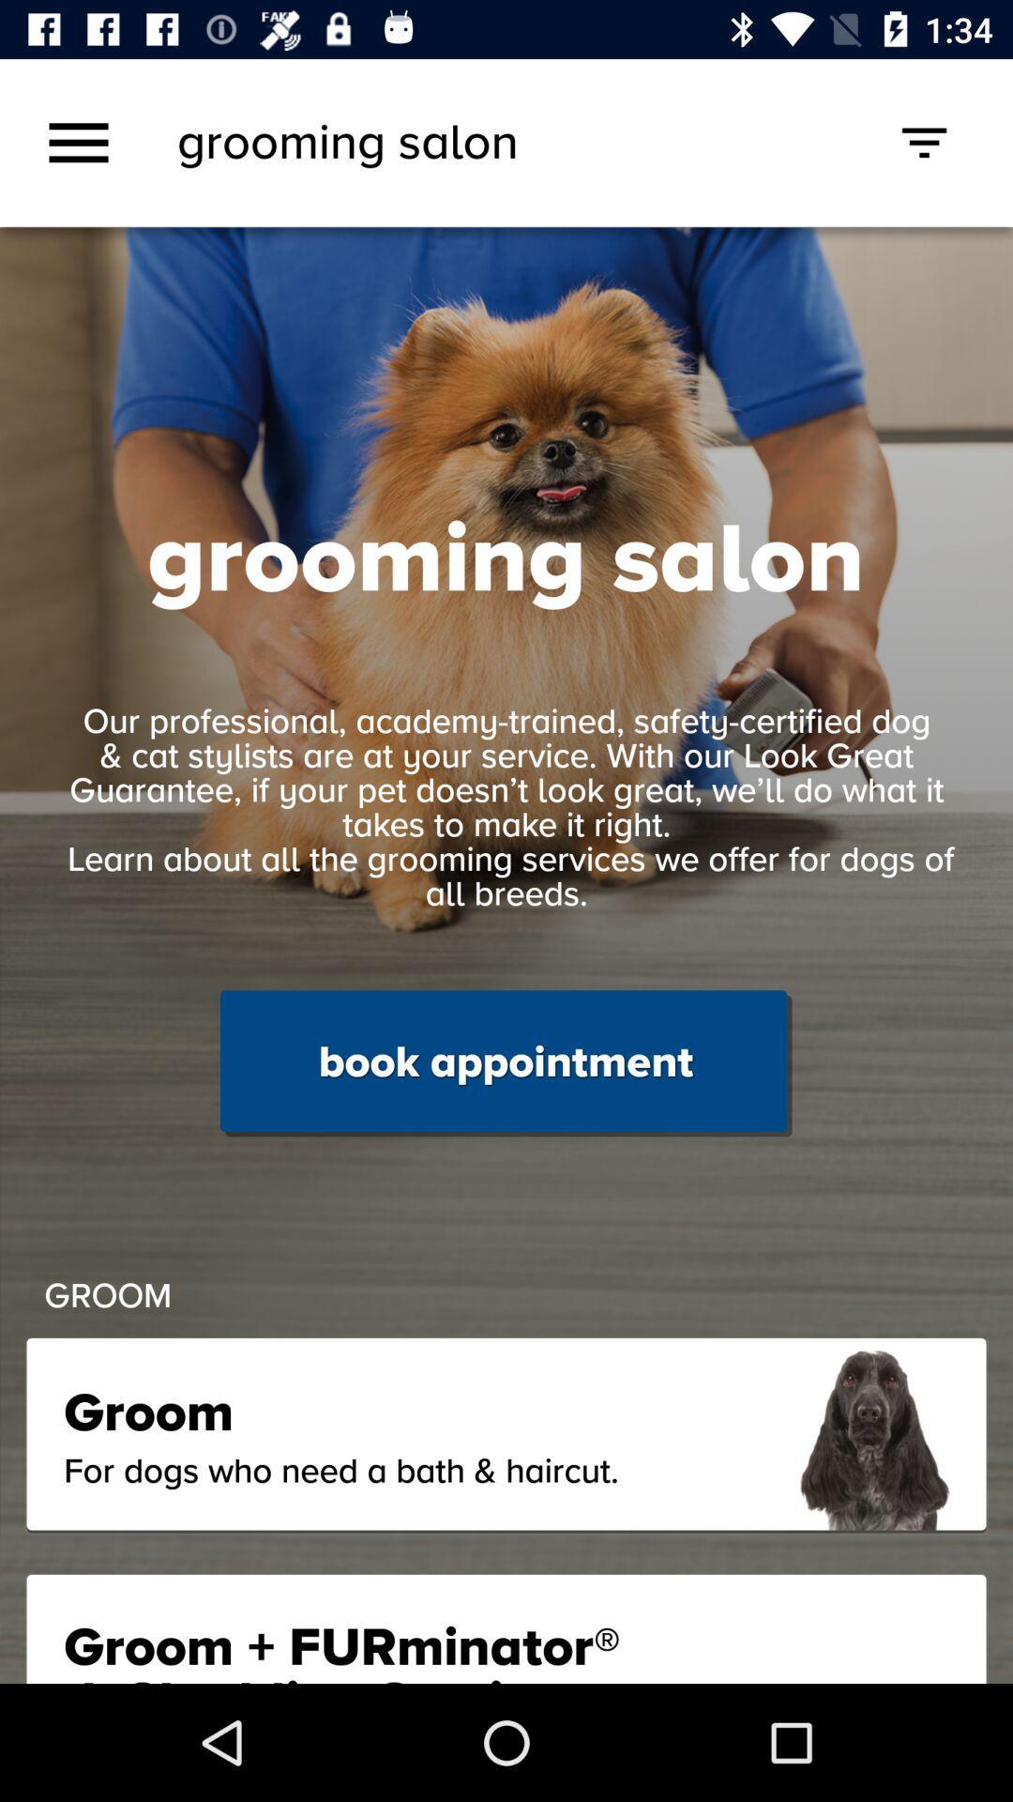 The image size is (1013, 1802). I want to click on book appointment item, so click(505, 1063).